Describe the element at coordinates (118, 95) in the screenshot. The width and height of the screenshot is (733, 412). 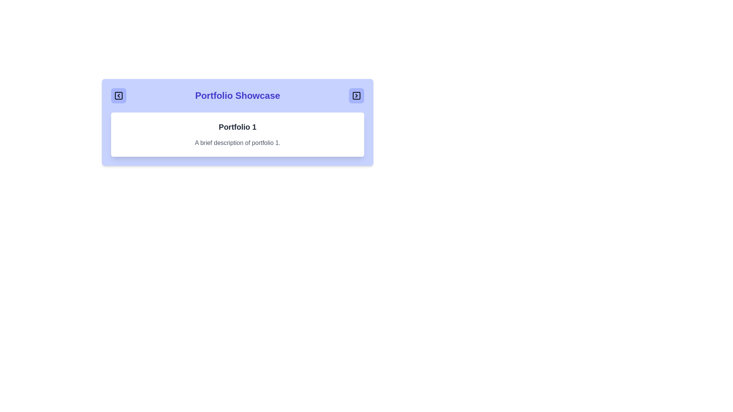
I see `the square SVG graphical element, which is part of the left-facing chevron icon indicating navigation options, located at the top-left corner of the 'Portfolio Showcase' card` at that location.